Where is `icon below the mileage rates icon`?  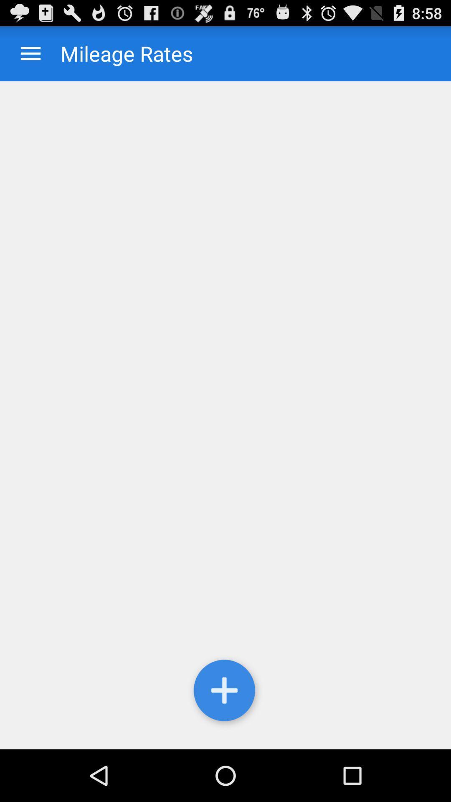
icon below the mileage rates icon is located at coordinates (225, 415).